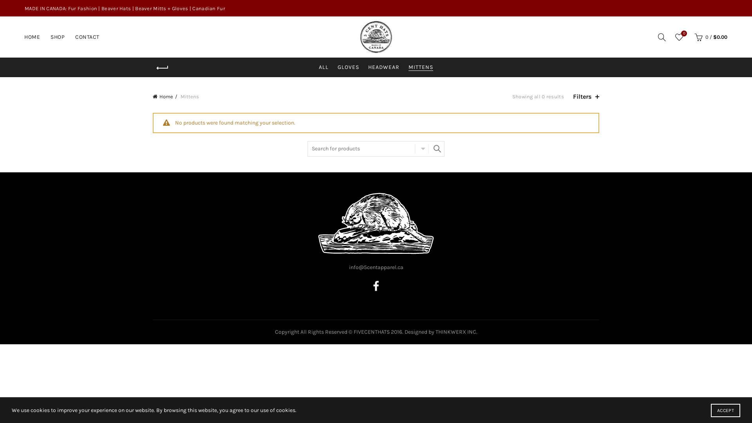  I want to click on 'ALL', so click(315, 67).